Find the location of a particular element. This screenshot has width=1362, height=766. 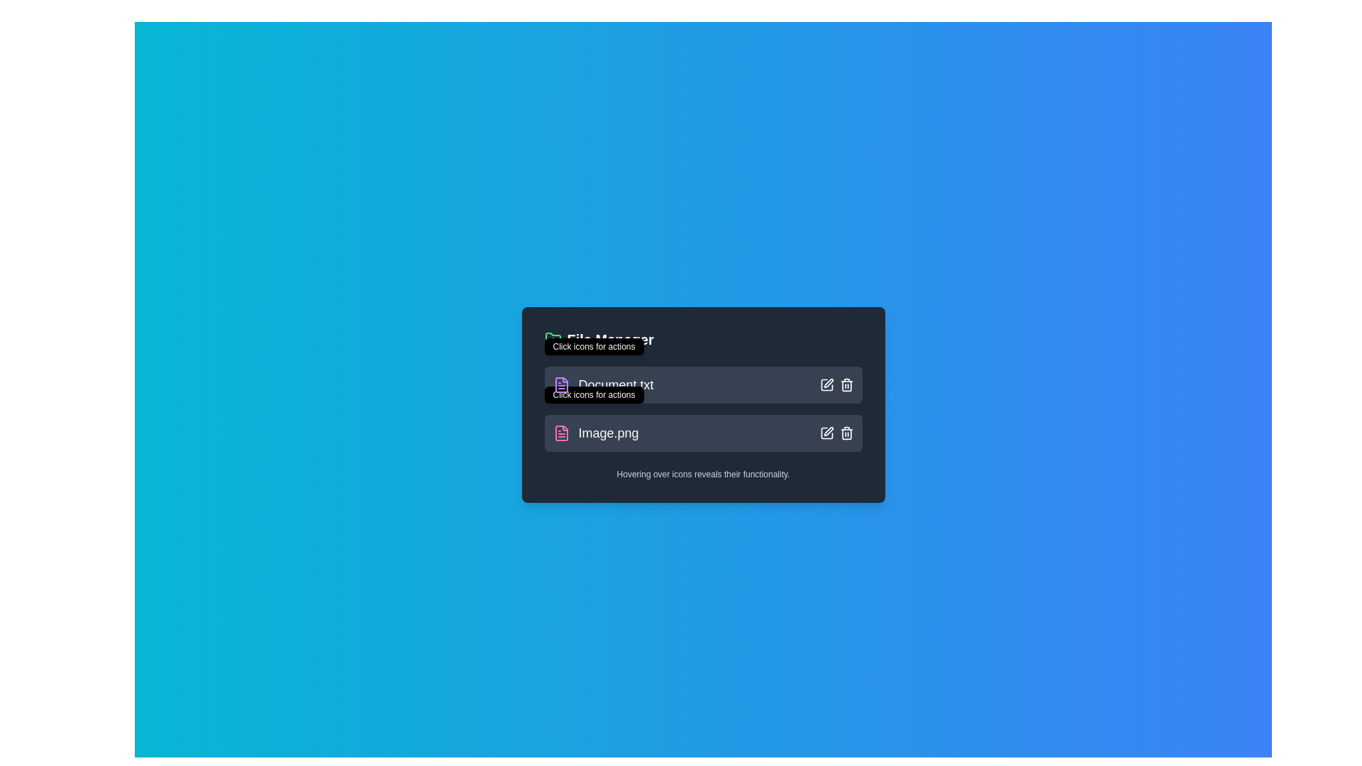

the pencil icon located at the right end of the 'Image.png' row to initiate the edit functionality is located at coordinates (836, 432).